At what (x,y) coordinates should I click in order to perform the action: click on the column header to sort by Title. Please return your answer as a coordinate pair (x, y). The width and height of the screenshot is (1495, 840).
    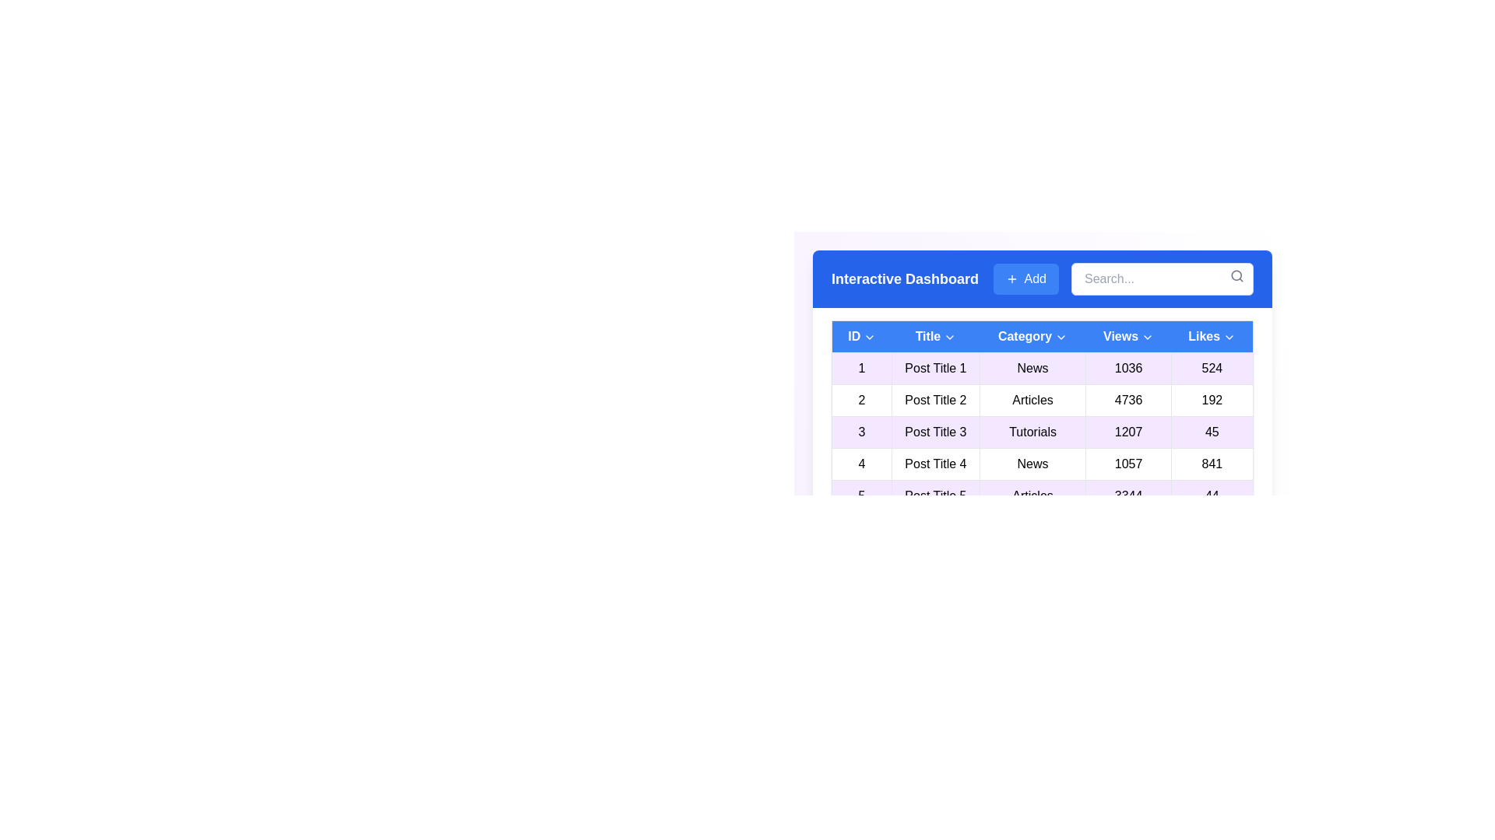
    Looking at the image, I should click on (934, 335).